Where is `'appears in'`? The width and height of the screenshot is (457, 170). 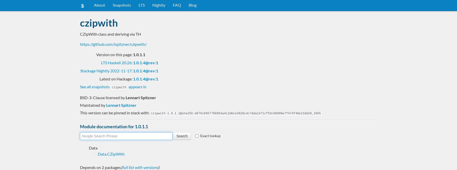 'appears in' is located at coordinates (127, 86).